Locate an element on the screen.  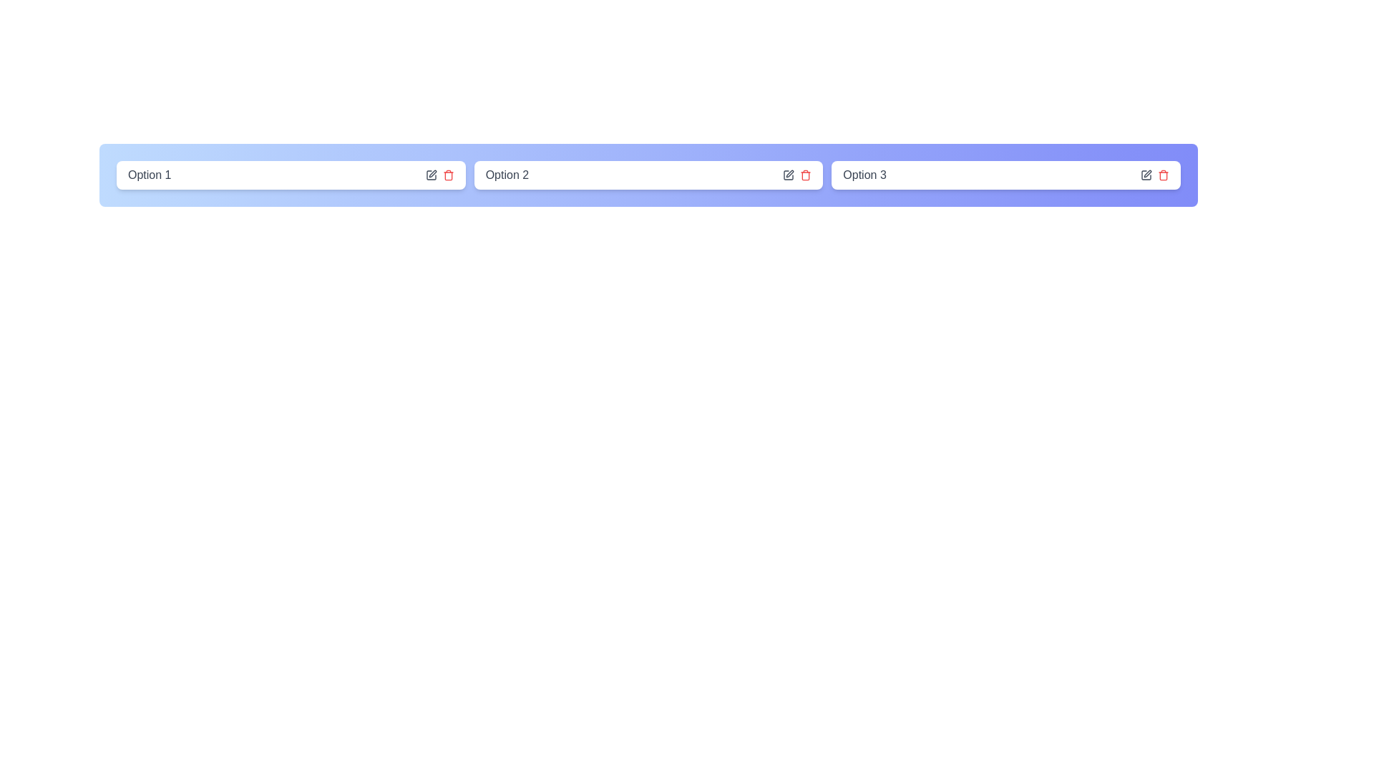
the chip labeled Option 1 is located at coordinates (290, 175).